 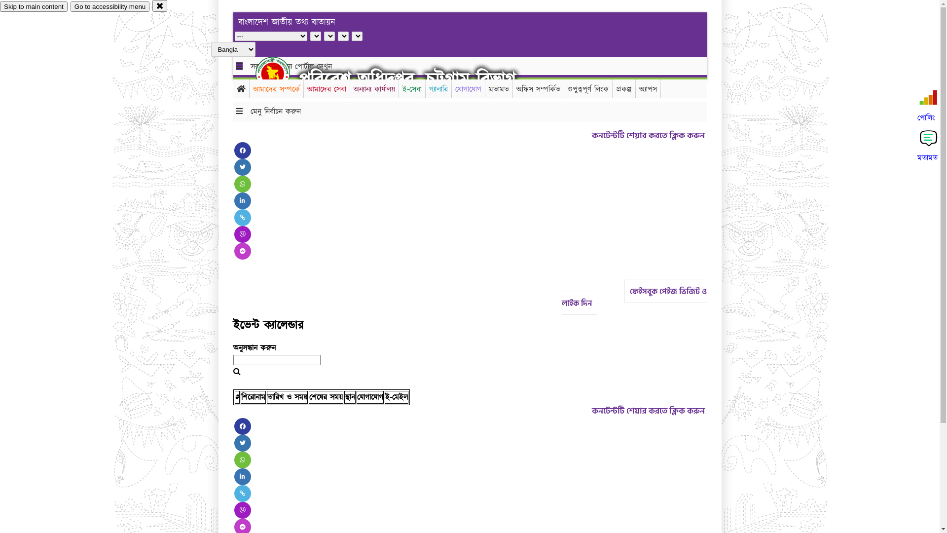 I want to click on 'Skip to main content', so click(x=34, y=6).